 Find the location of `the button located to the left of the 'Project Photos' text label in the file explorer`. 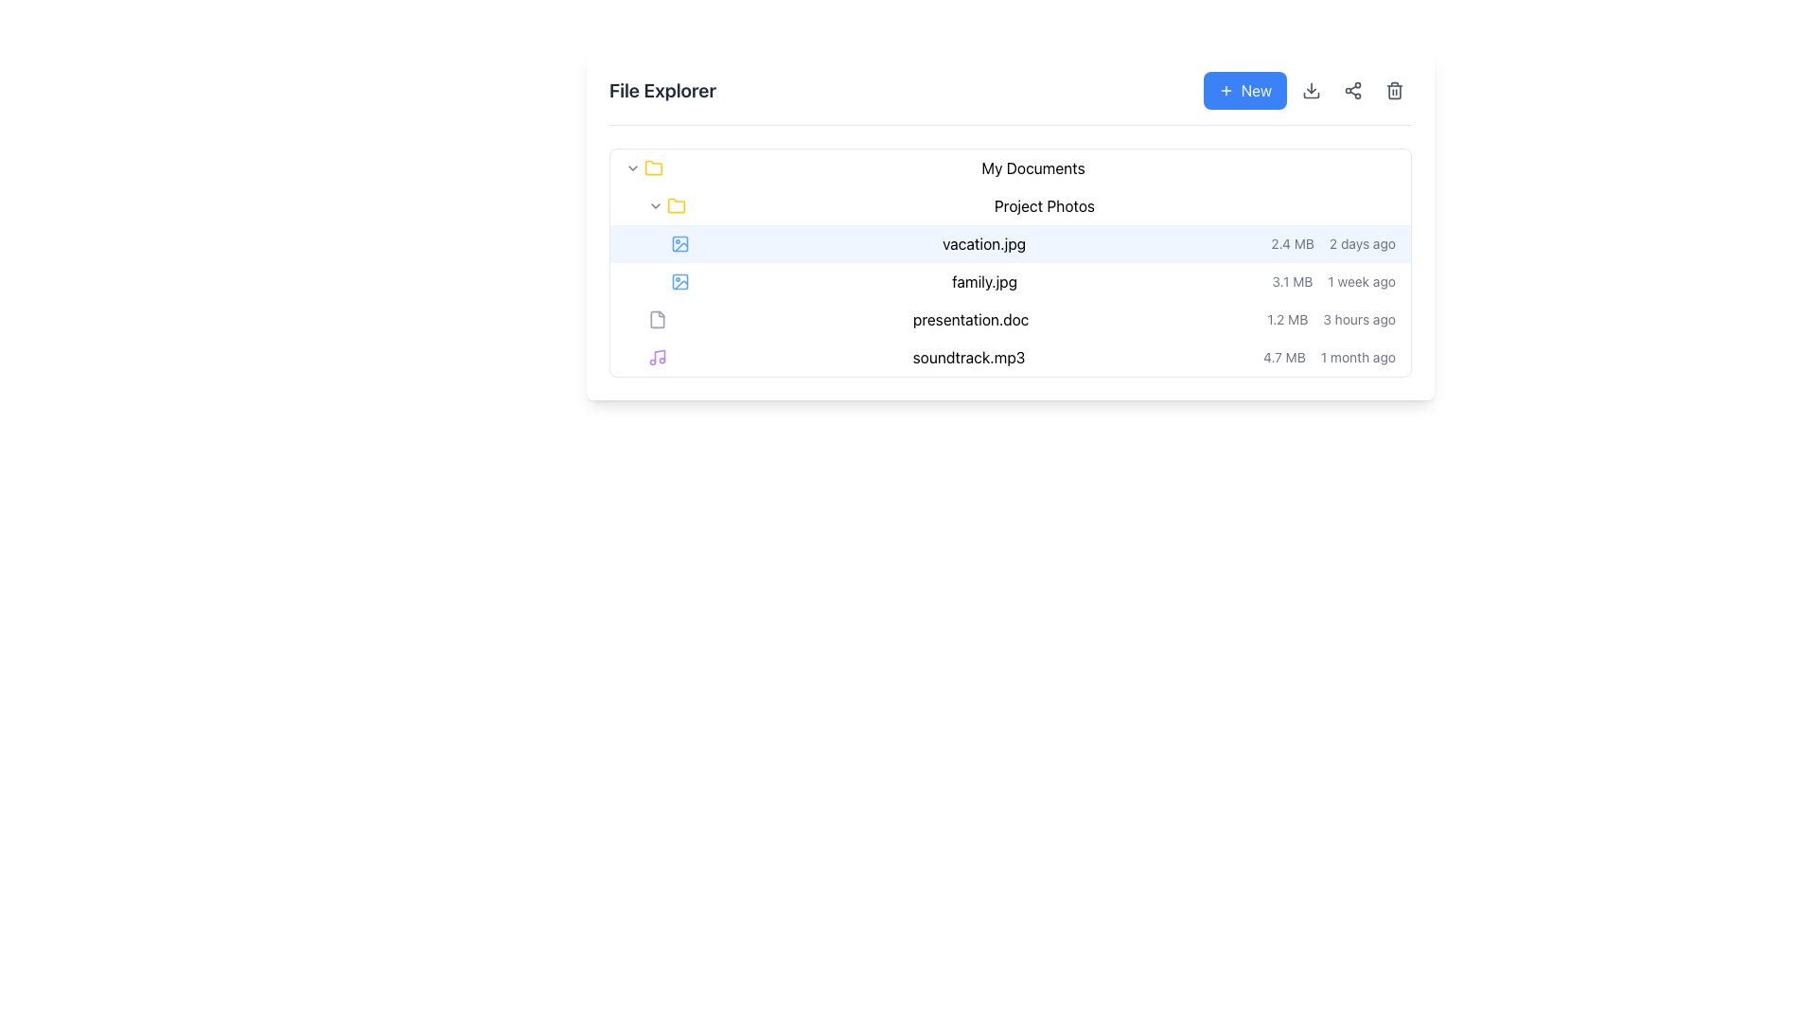

the button located to the left of the 'Project Photos' text label in the file explorer is located at coordinates (655, 206).